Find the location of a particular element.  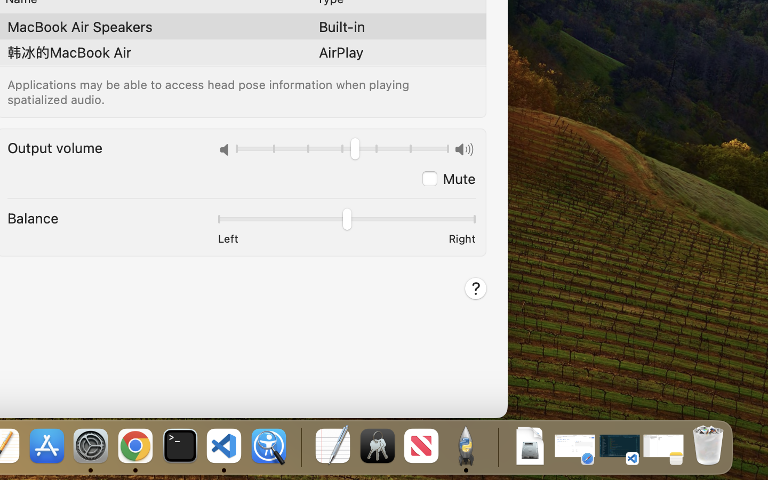

'0.5' is located at coordinates (346, 221).